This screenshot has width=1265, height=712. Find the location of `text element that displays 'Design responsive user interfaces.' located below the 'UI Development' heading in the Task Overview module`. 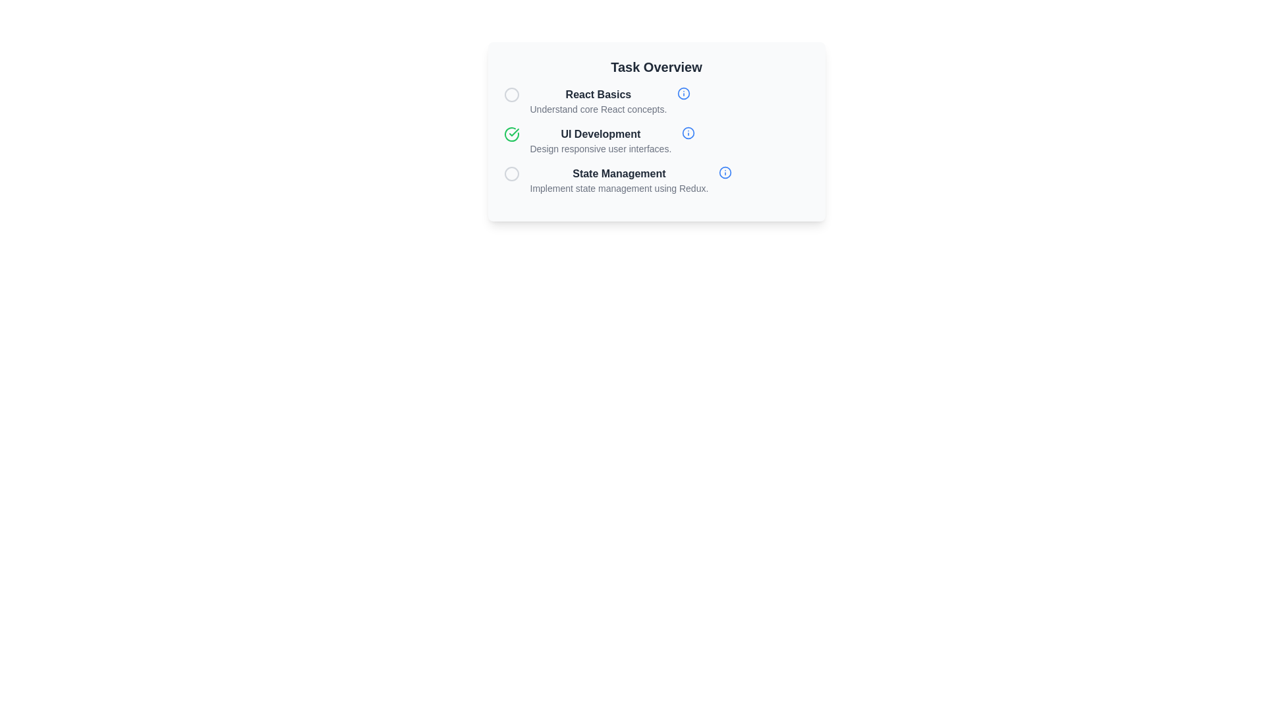

text element that displays 'Design responsive user interfaces.' located below the 'UI Development' heading in the Task Overview module is located at coordinates (600, 148).